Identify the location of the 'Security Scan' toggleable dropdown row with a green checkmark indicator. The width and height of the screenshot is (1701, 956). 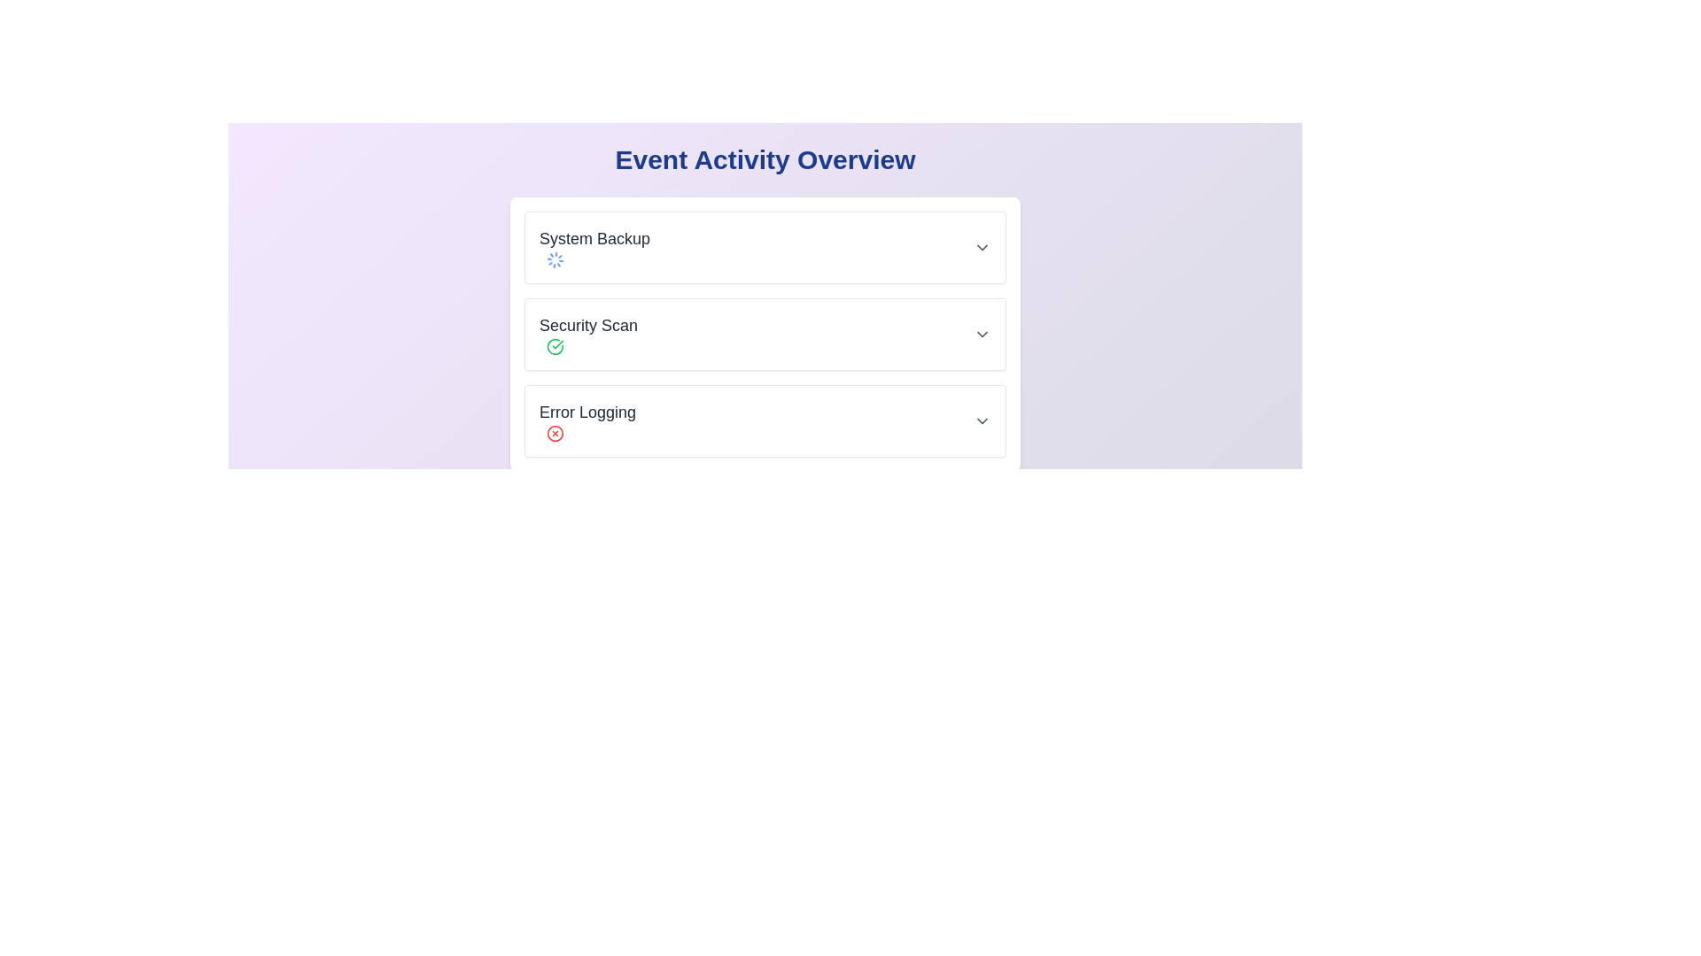
(765, 335).